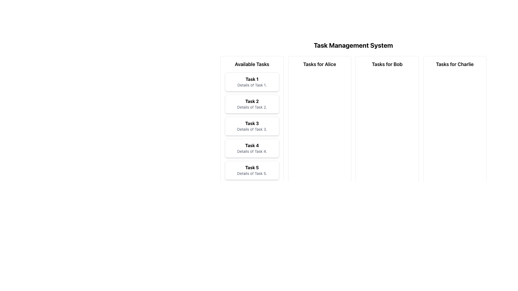 This screenshot has height=291, width=518. Describe the element at coordinates (252, 64) in the screenshot. I see `the text label displaying 'Available Tasks', which is located at the top of the left column panel containing task cards` at that location.